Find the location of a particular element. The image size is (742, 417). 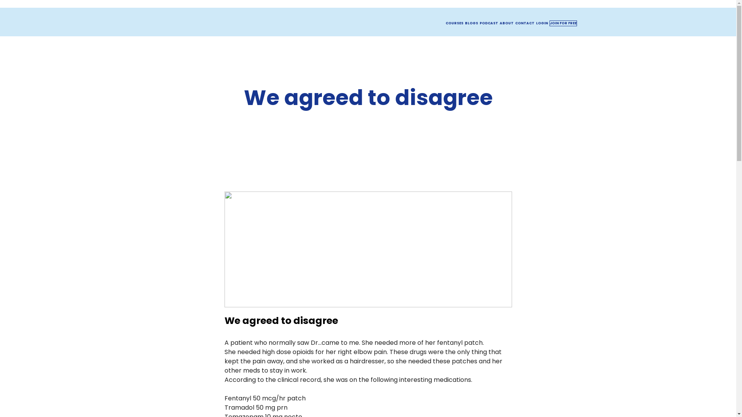

'ABOUT' is located at coordinates (499, 23).